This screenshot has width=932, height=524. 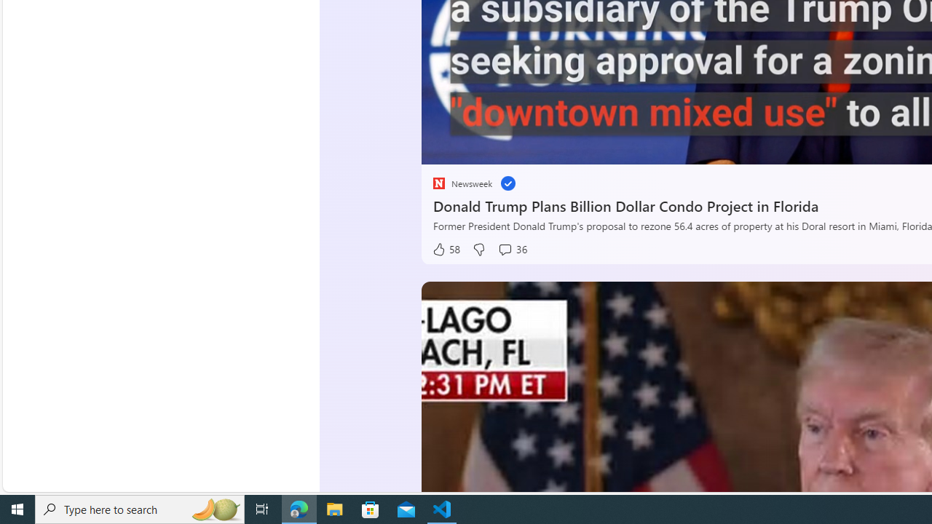 What do you see at coordinates (444, 249) in the screenshot?
I see `'58 Like'` at bounding box center [444, 249].